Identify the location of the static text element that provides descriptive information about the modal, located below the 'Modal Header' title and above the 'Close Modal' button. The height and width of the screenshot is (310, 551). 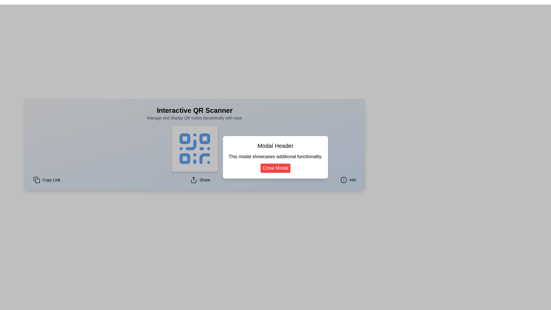
(275, 157).